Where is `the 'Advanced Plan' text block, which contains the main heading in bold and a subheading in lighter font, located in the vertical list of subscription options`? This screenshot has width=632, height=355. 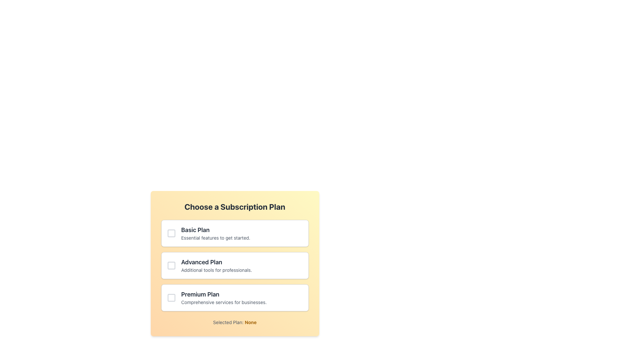 the 'Advanced Plan' text block, which contains the main heading in bold and a subheading in lighter font, located in the vertical list of subscription options is located at coordinates (242, 265).